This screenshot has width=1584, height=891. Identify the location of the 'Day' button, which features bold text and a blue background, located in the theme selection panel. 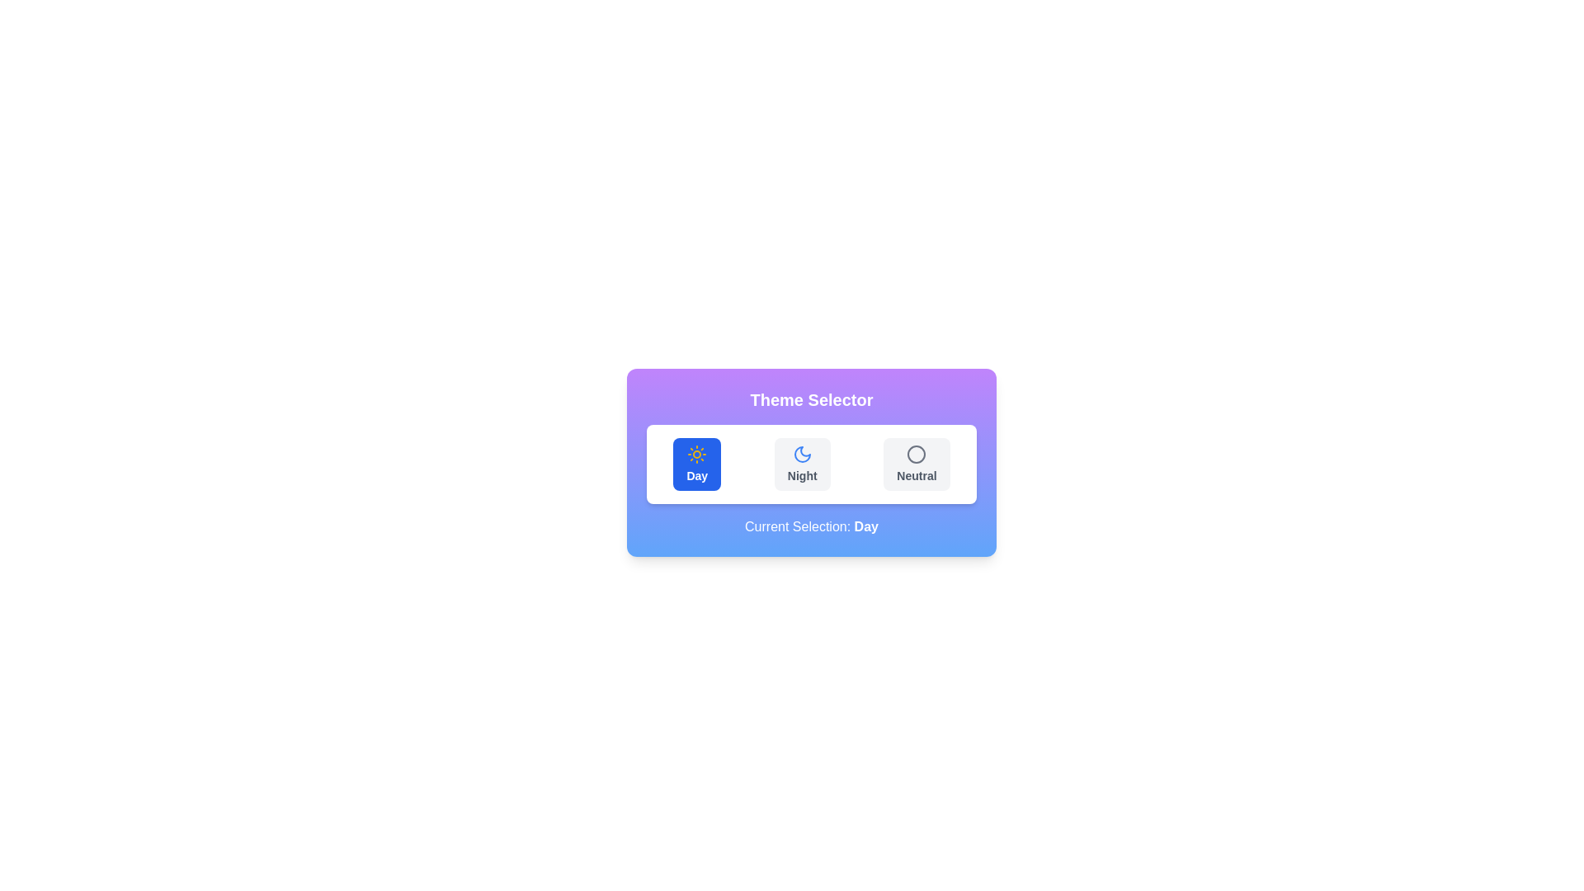
(697, 476).